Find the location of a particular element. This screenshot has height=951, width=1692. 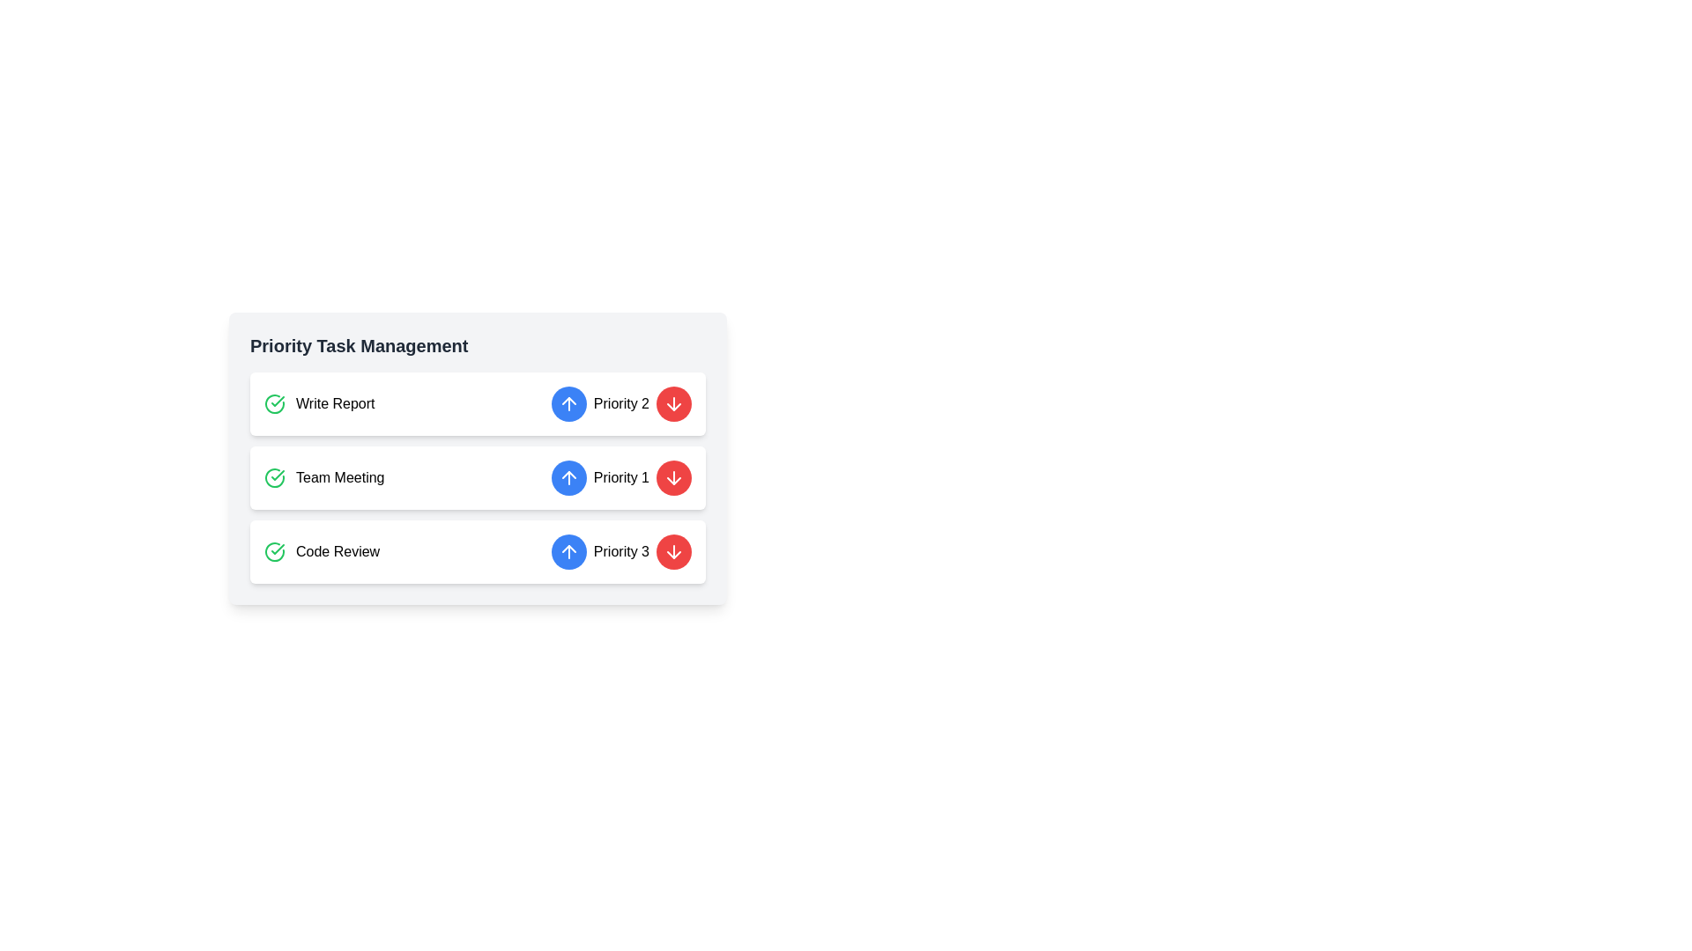

the green checkmark icon indicating success in the 'Write Report' section of the 'Priority Task Management' area is located at coordinates (277, 549).